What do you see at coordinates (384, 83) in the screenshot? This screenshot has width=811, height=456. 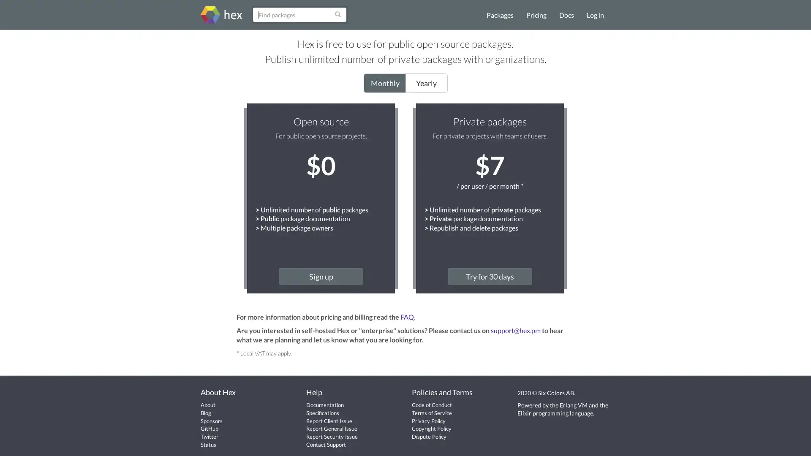 I see `Monthly` at bounding box center [384, 83].